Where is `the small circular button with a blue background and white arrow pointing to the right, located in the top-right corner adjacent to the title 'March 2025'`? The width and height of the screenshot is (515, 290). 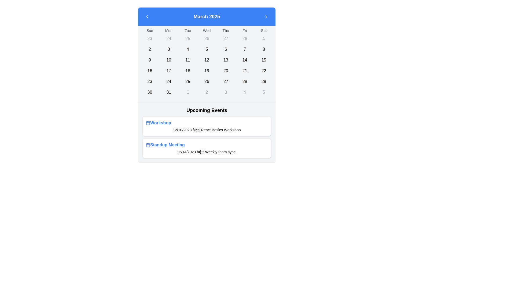 the small circular button with a blue background and white arrow pointing to the right, located in the top-right corner adjacent to the title 'March 2025' is located at coordinates (266, 16).